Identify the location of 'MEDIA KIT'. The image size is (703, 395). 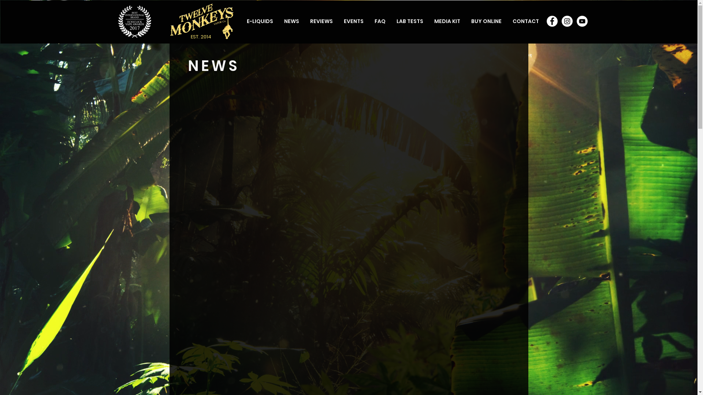
(446, 20).